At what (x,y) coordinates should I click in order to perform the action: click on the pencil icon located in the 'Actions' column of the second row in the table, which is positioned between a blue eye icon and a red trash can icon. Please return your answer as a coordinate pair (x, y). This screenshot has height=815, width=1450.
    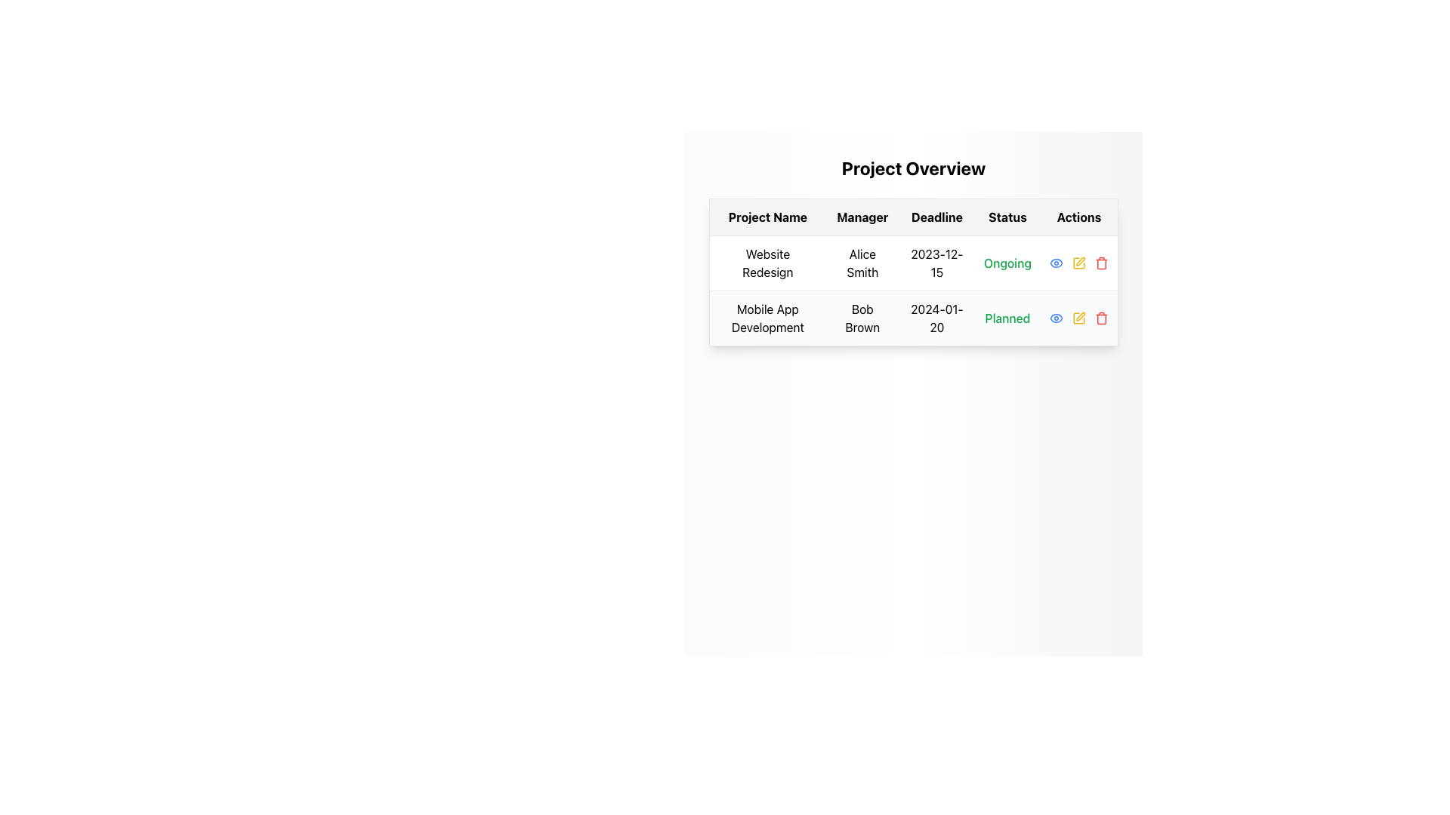
    Looking at the image, I should click on (1078, 317).